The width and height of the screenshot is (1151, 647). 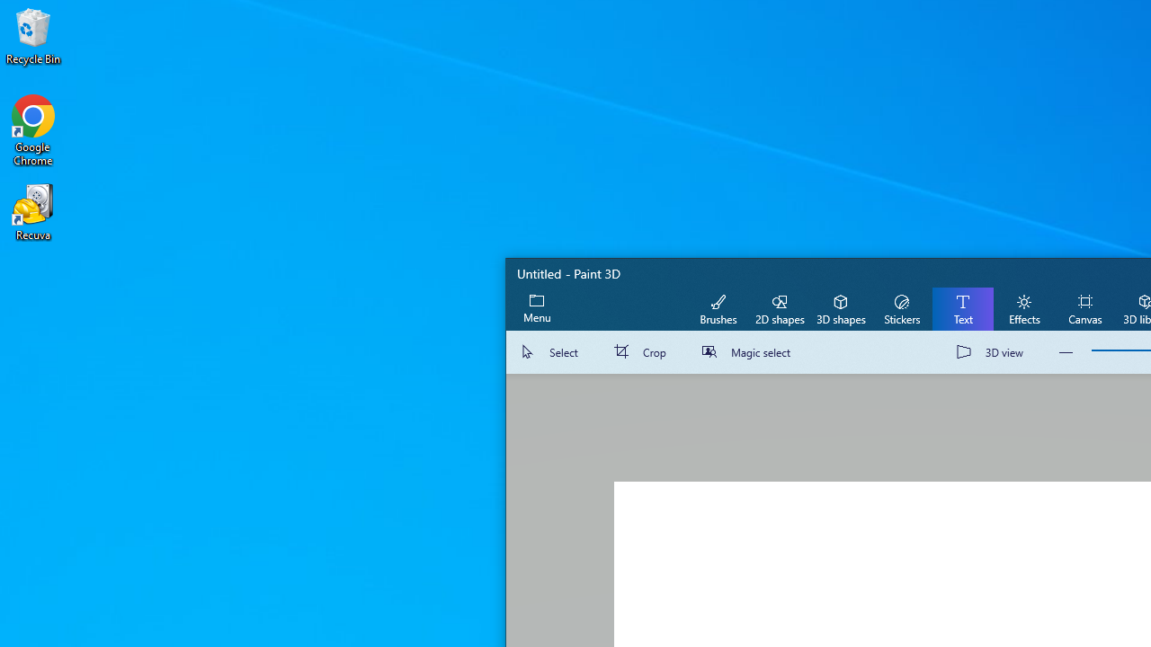 I want to click on 'Stickers', so click(x=901, y=307).